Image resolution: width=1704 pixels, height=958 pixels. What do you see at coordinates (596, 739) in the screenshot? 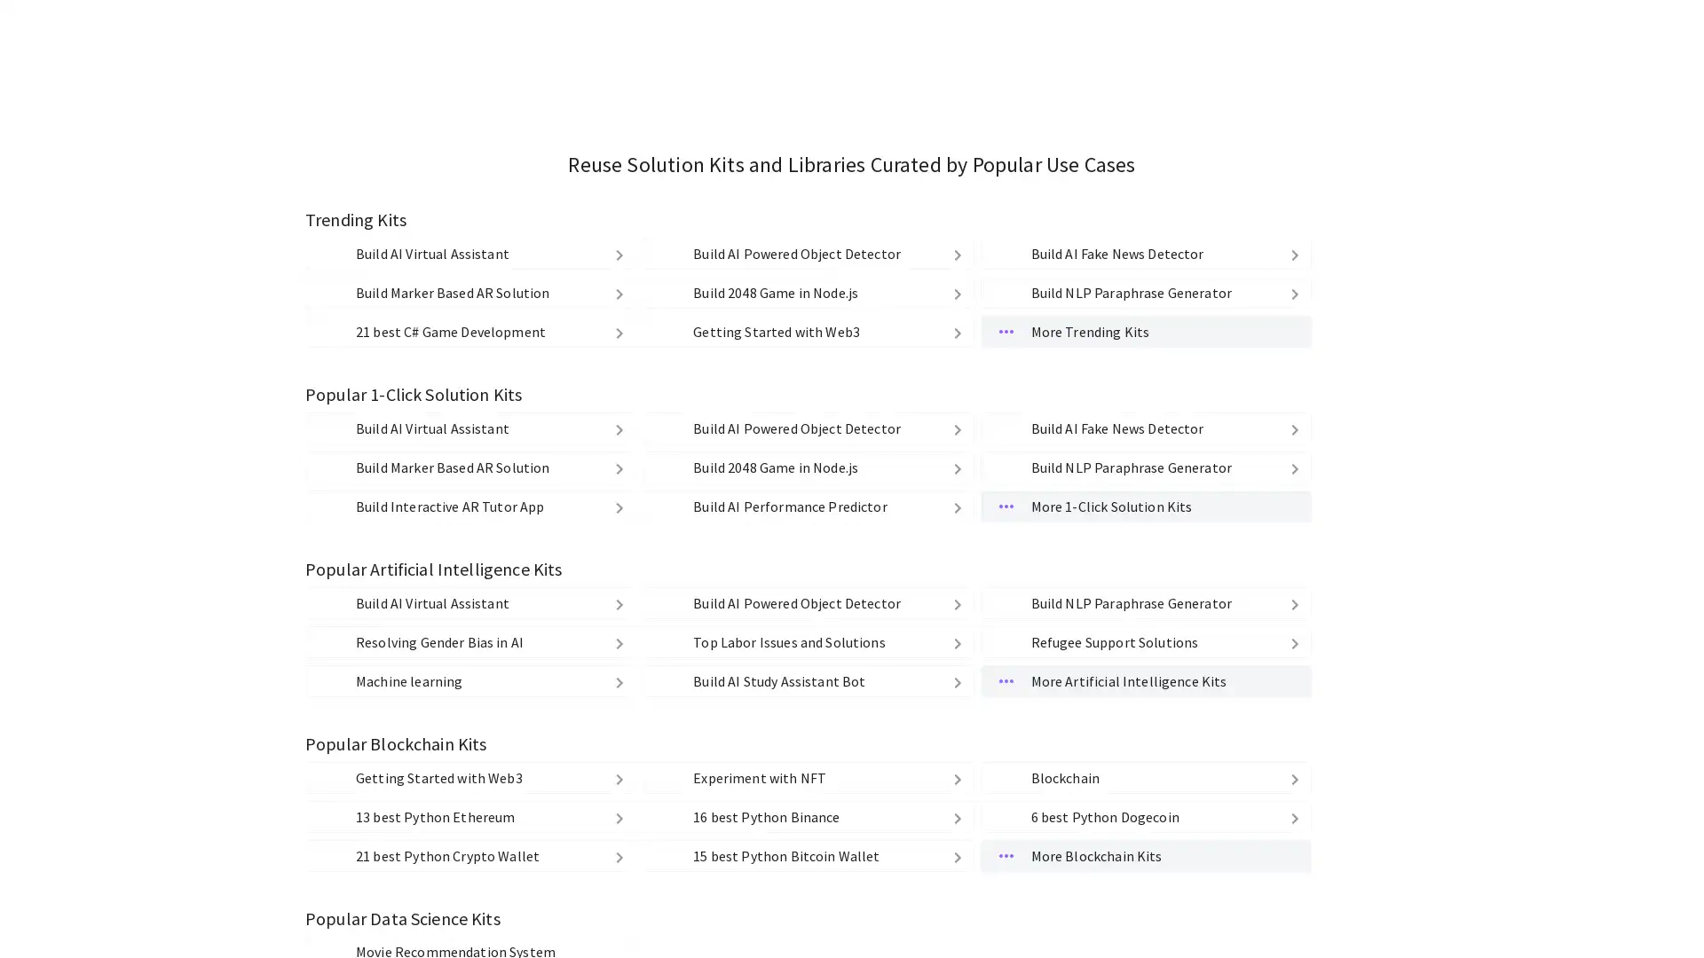
I see `delete` at bounding box center [596, 739].